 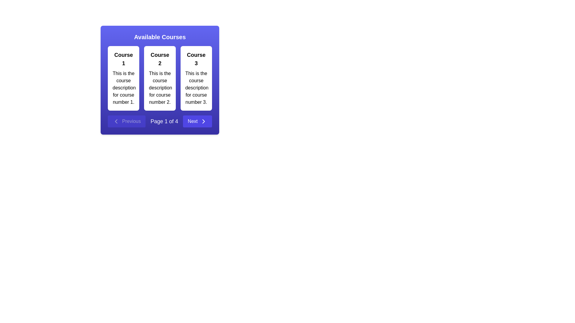 What do you see at coordinates (160, 59) in the screenshot?
I see `the 'Course 2' text label at the top of the second card` at bounding box center [160, 59].